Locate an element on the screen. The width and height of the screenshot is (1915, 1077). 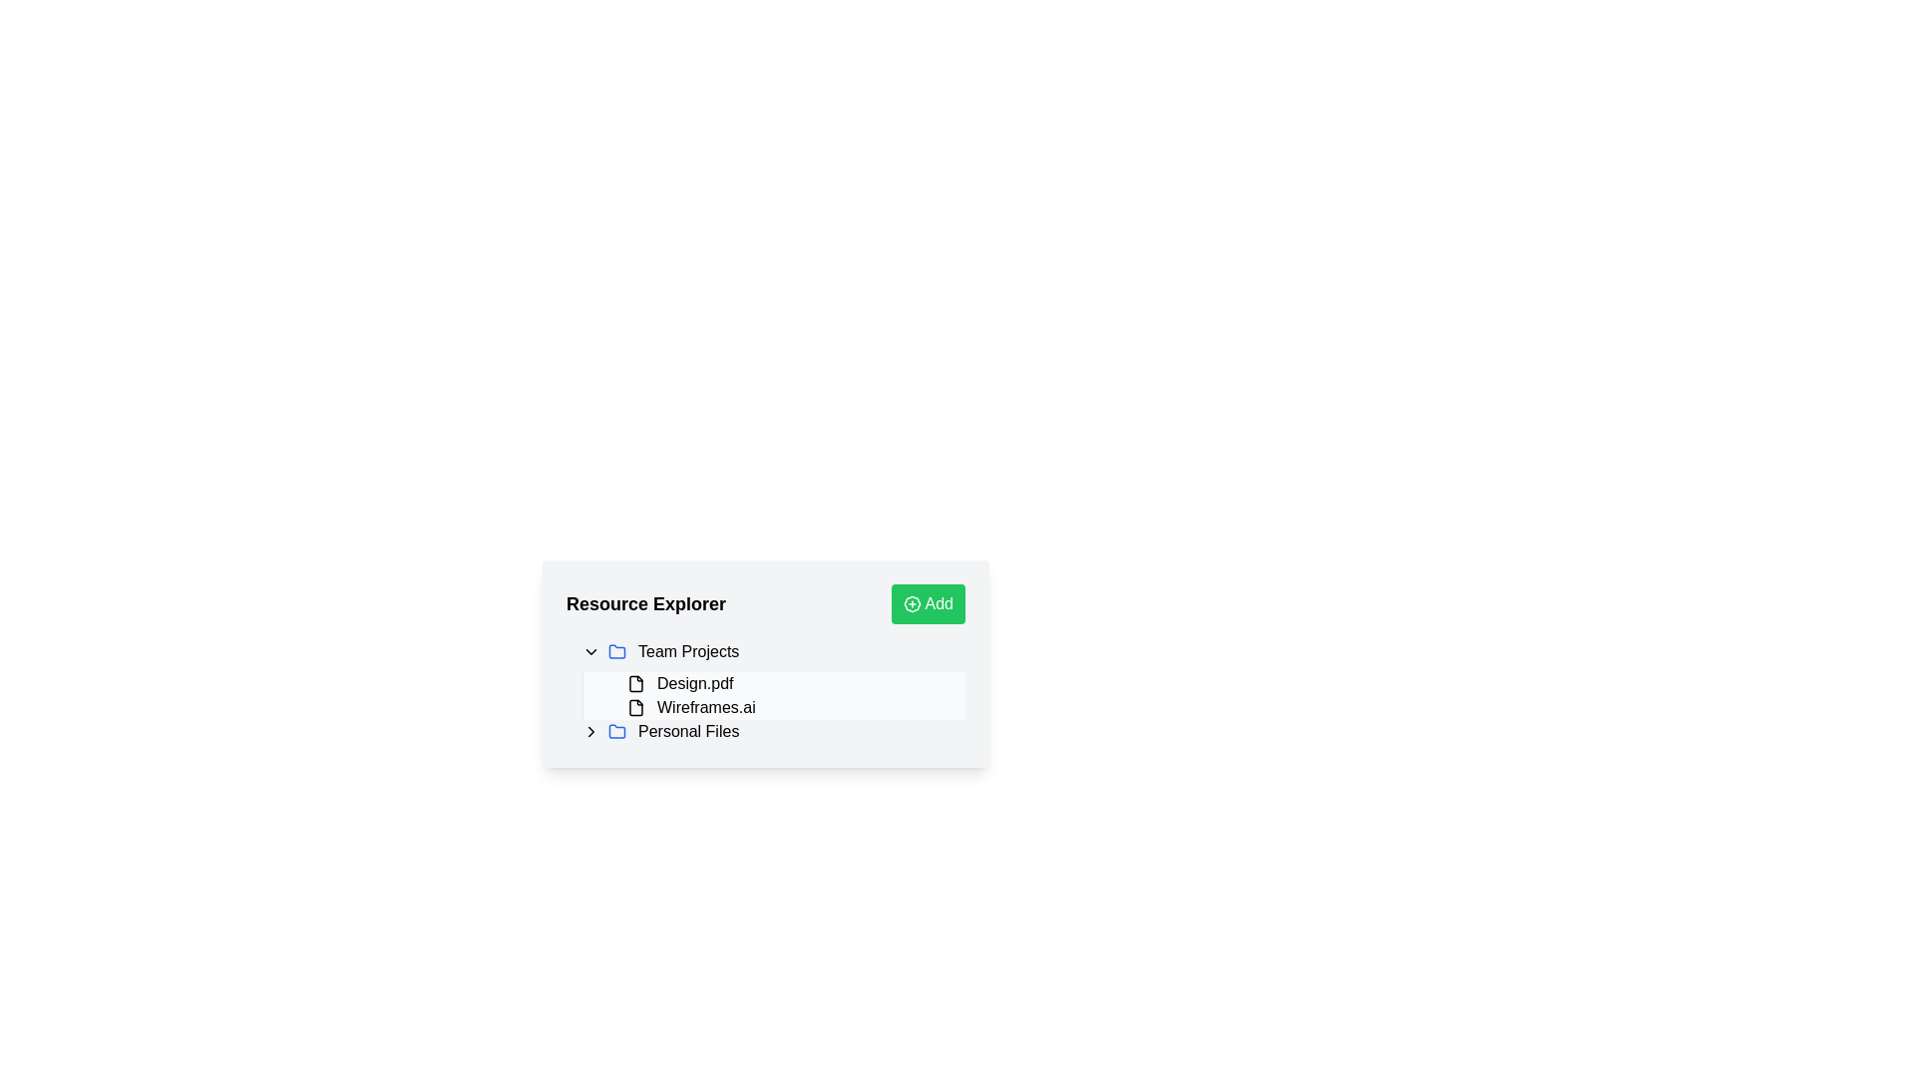
folder icon element, which is a blue minimalist folder located to the right of the arrow toggle and just before the 'Team Projects' label is located at coordinates (616, 652).